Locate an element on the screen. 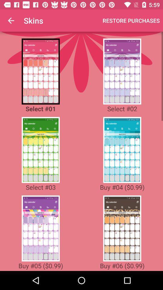 Image resolution: width=163 pixels, height=290 pixels. option is located at coordinates (122, 150).